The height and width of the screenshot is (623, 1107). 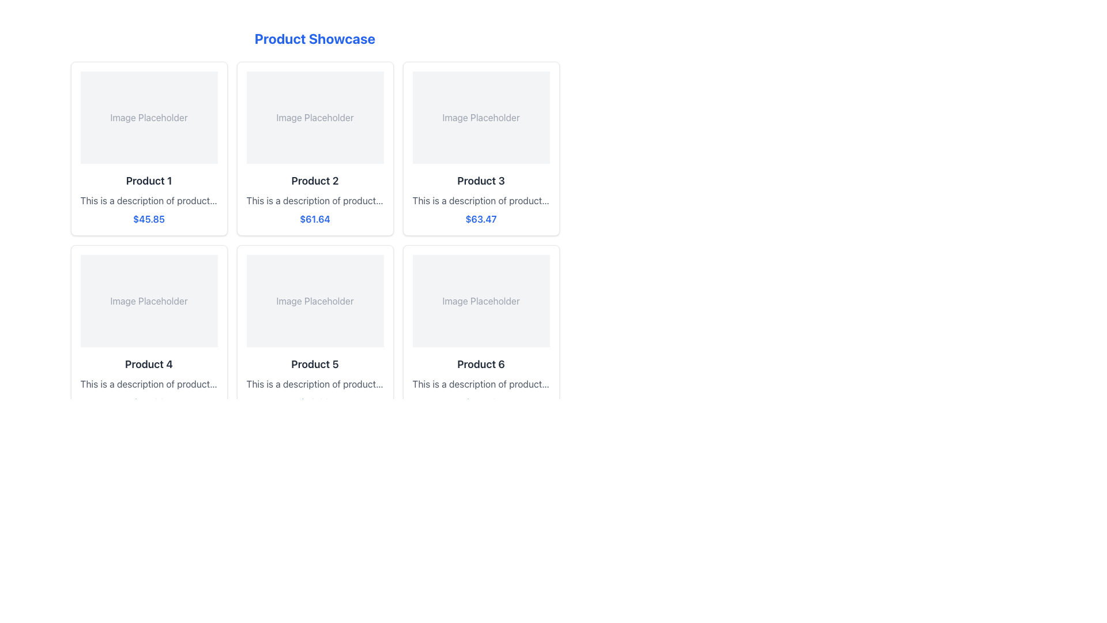 What do you see at coordinates (481, 384) in the screenshot?
I see `the text block containing the phrase 'This is a description of product 6.' which is styled with a gray font color and is positioned below the title 'Product 6' within the product card` at bounding box center [481, 384].